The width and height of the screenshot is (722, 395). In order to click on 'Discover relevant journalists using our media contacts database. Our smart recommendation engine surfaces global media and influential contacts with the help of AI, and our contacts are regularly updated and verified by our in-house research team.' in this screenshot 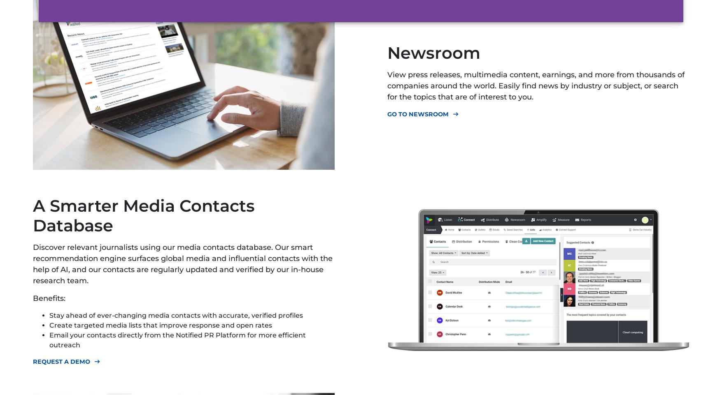, I will do `click(182, 263)`.